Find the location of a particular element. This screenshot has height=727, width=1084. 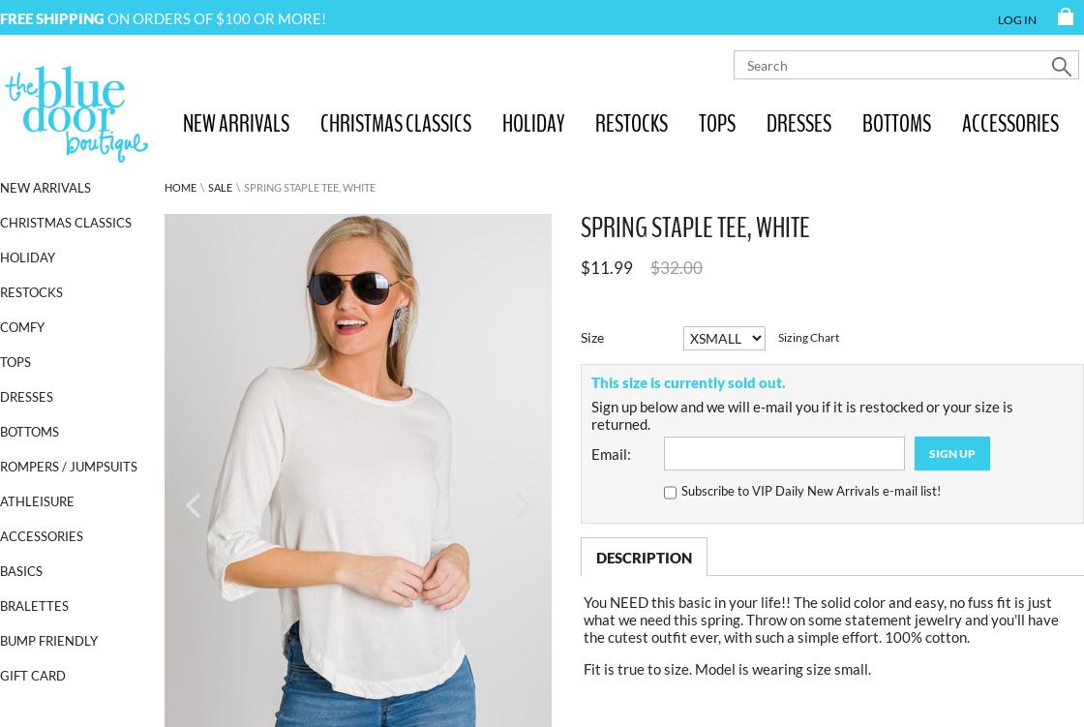

'Tops' is located at coordinates (15, 361).